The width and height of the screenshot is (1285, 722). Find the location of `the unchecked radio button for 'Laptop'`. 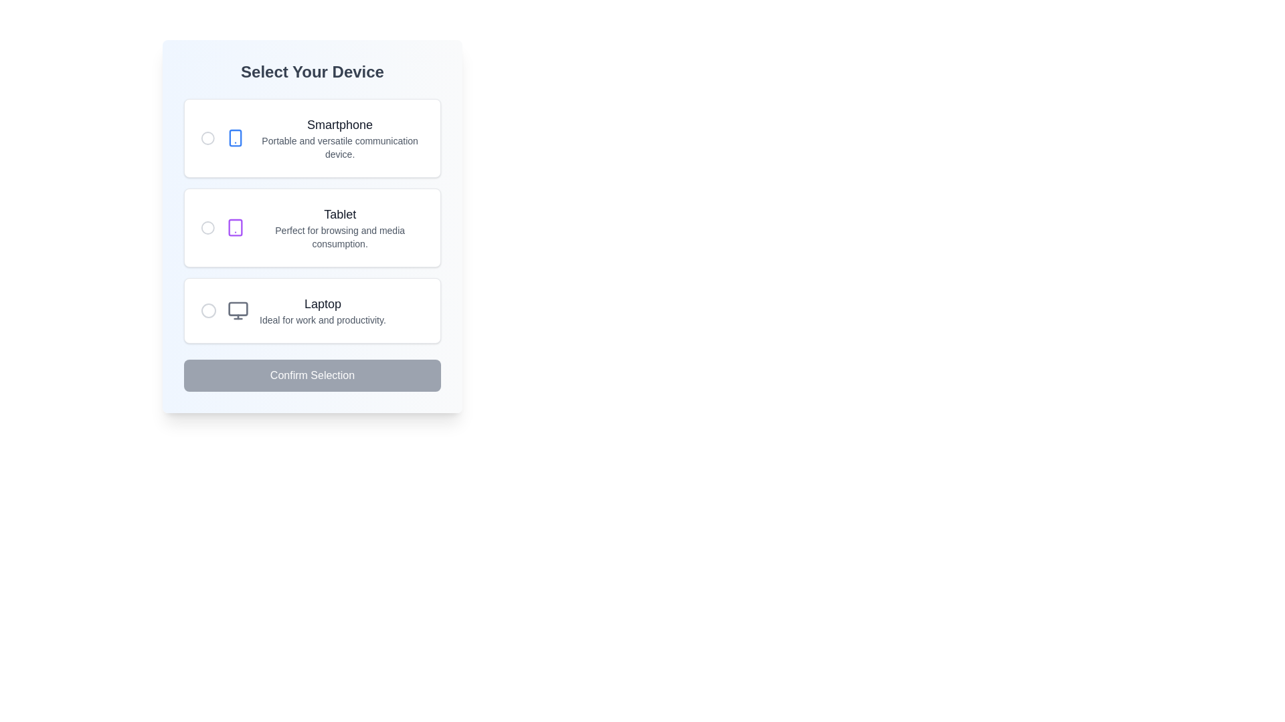

the unchecked radio button for 'Laptop' is located at coordinates (208, 311).